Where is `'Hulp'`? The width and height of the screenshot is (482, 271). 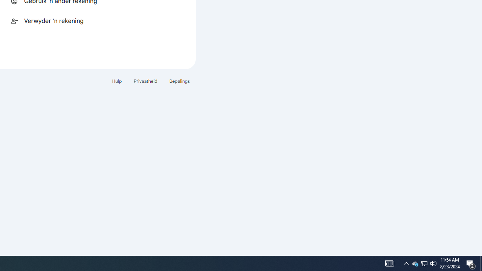
'Hulp' is located at coordinates (116, 81).